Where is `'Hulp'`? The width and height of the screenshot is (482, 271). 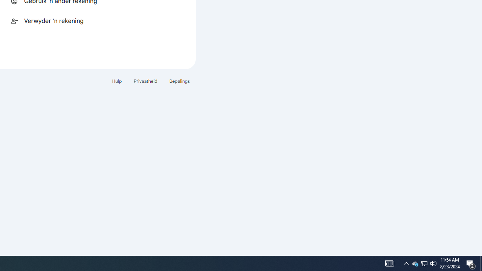
'Hulp' is located at coordinates (116, 81).